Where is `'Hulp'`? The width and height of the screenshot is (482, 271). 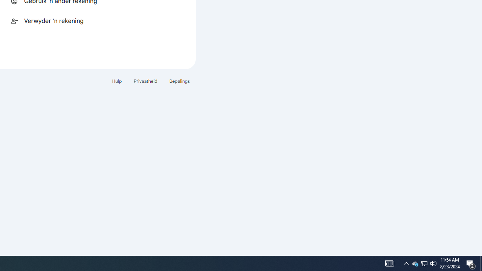
'Hulp' is located at coordinates (116, 81).